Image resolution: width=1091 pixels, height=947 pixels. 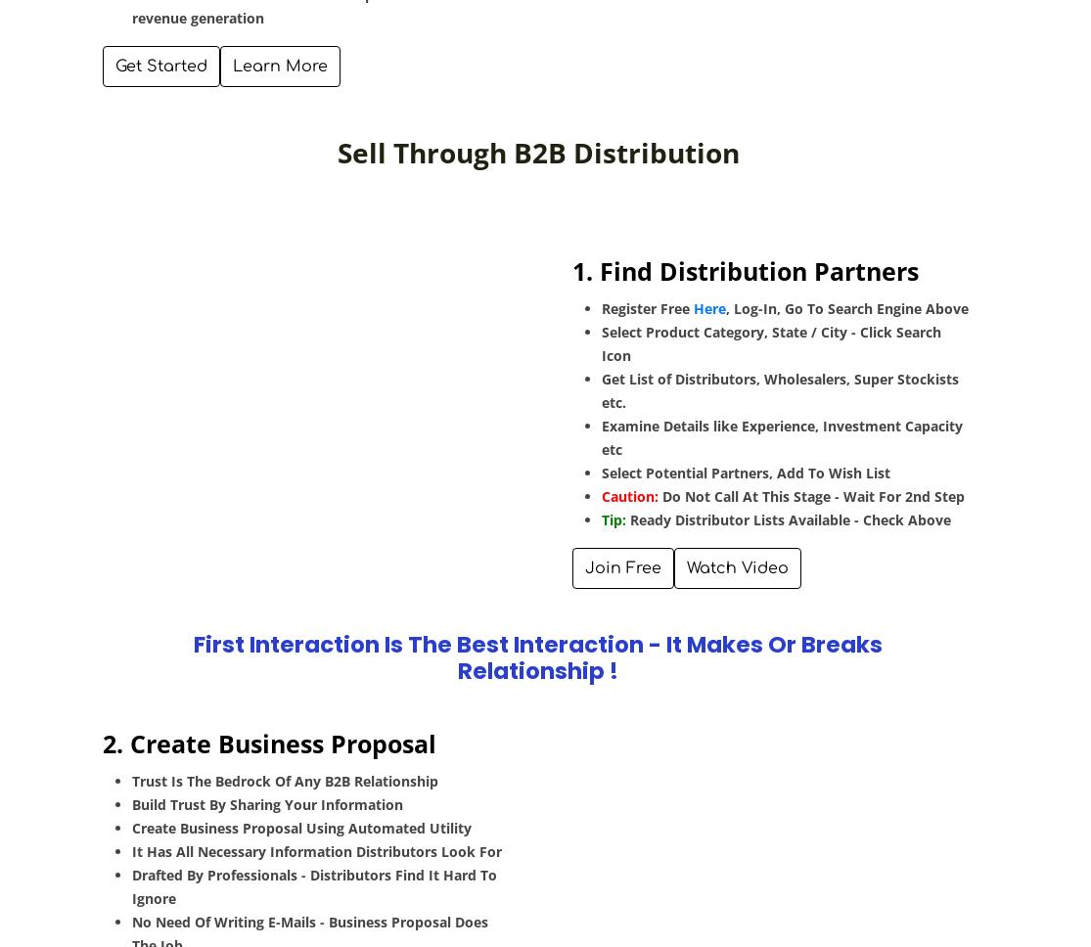 I want to click on 'Get List of Distributors, Wholesalers, Super Stockists etc.', so click(x=779, y=388).